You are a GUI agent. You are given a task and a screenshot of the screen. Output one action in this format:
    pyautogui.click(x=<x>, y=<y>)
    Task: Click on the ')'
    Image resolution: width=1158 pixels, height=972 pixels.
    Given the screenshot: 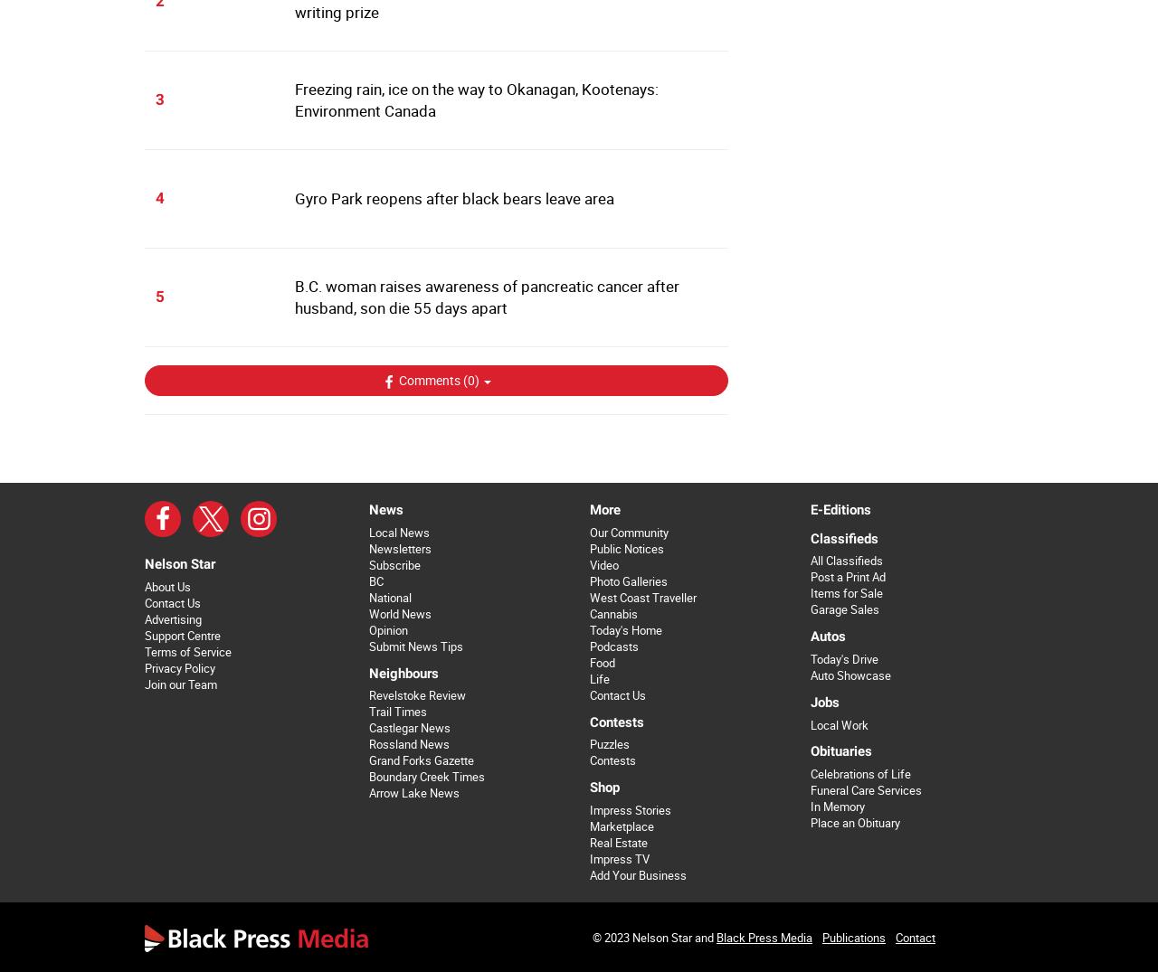 What is the action you would take?
    pyautogui.click(x=475, y=379)
    